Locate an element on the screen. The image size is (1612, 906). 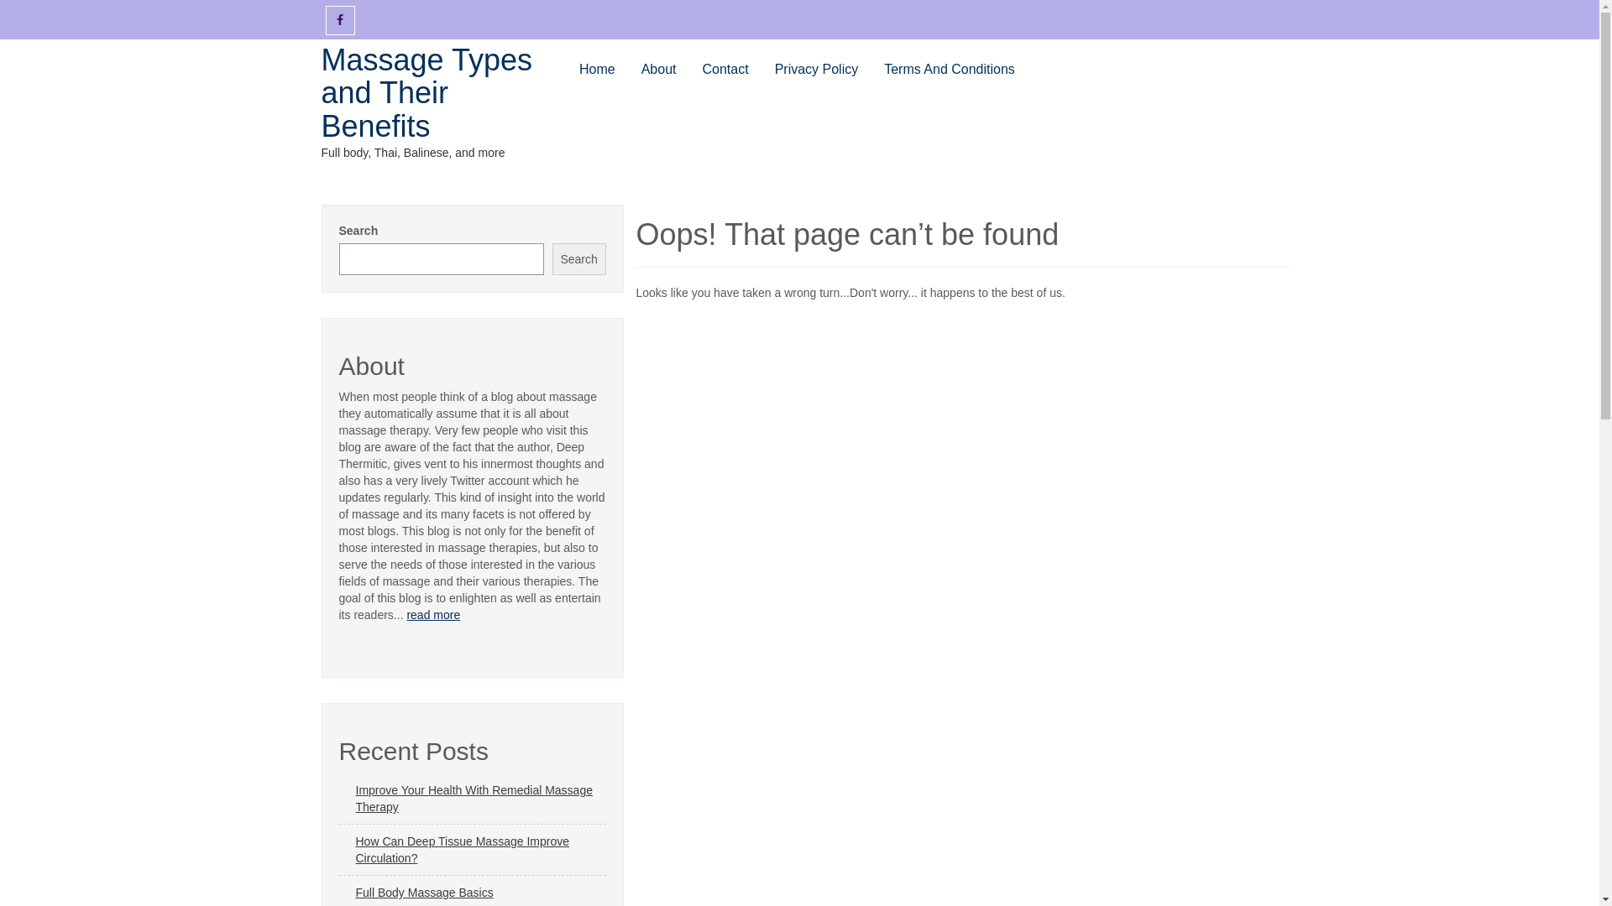
'Home' is located at coordinates (597, 69).